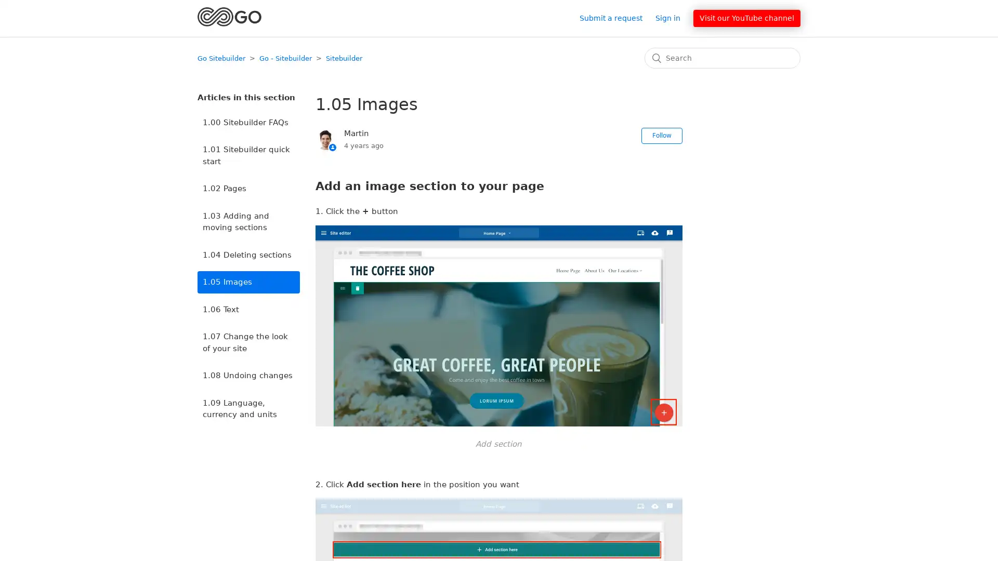 The image size is (998, 561). What do you see at coordinates (673, 18) in the screenshot?
I see `Sign in` at bounding box center [673, 18].